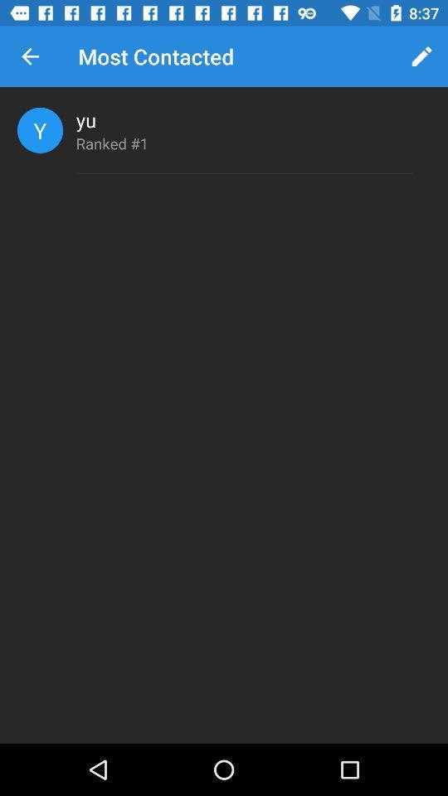  I want to click on the item below the ranked #1 icon, so click(243, 173).